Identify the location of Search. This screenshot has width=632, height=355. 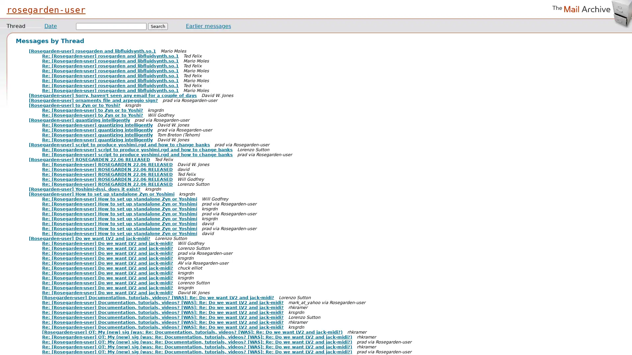
(158, 26).